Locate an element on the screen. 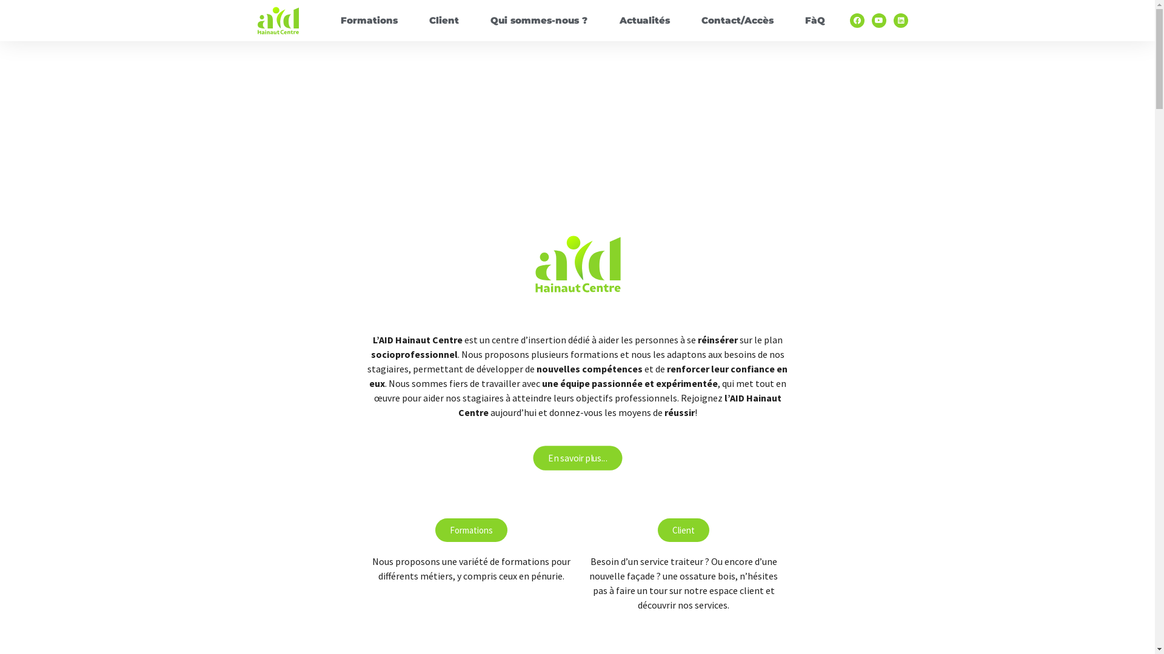 This screenshot has width=1164, height=654. 'Formations' is located at coordinates (470, 529).